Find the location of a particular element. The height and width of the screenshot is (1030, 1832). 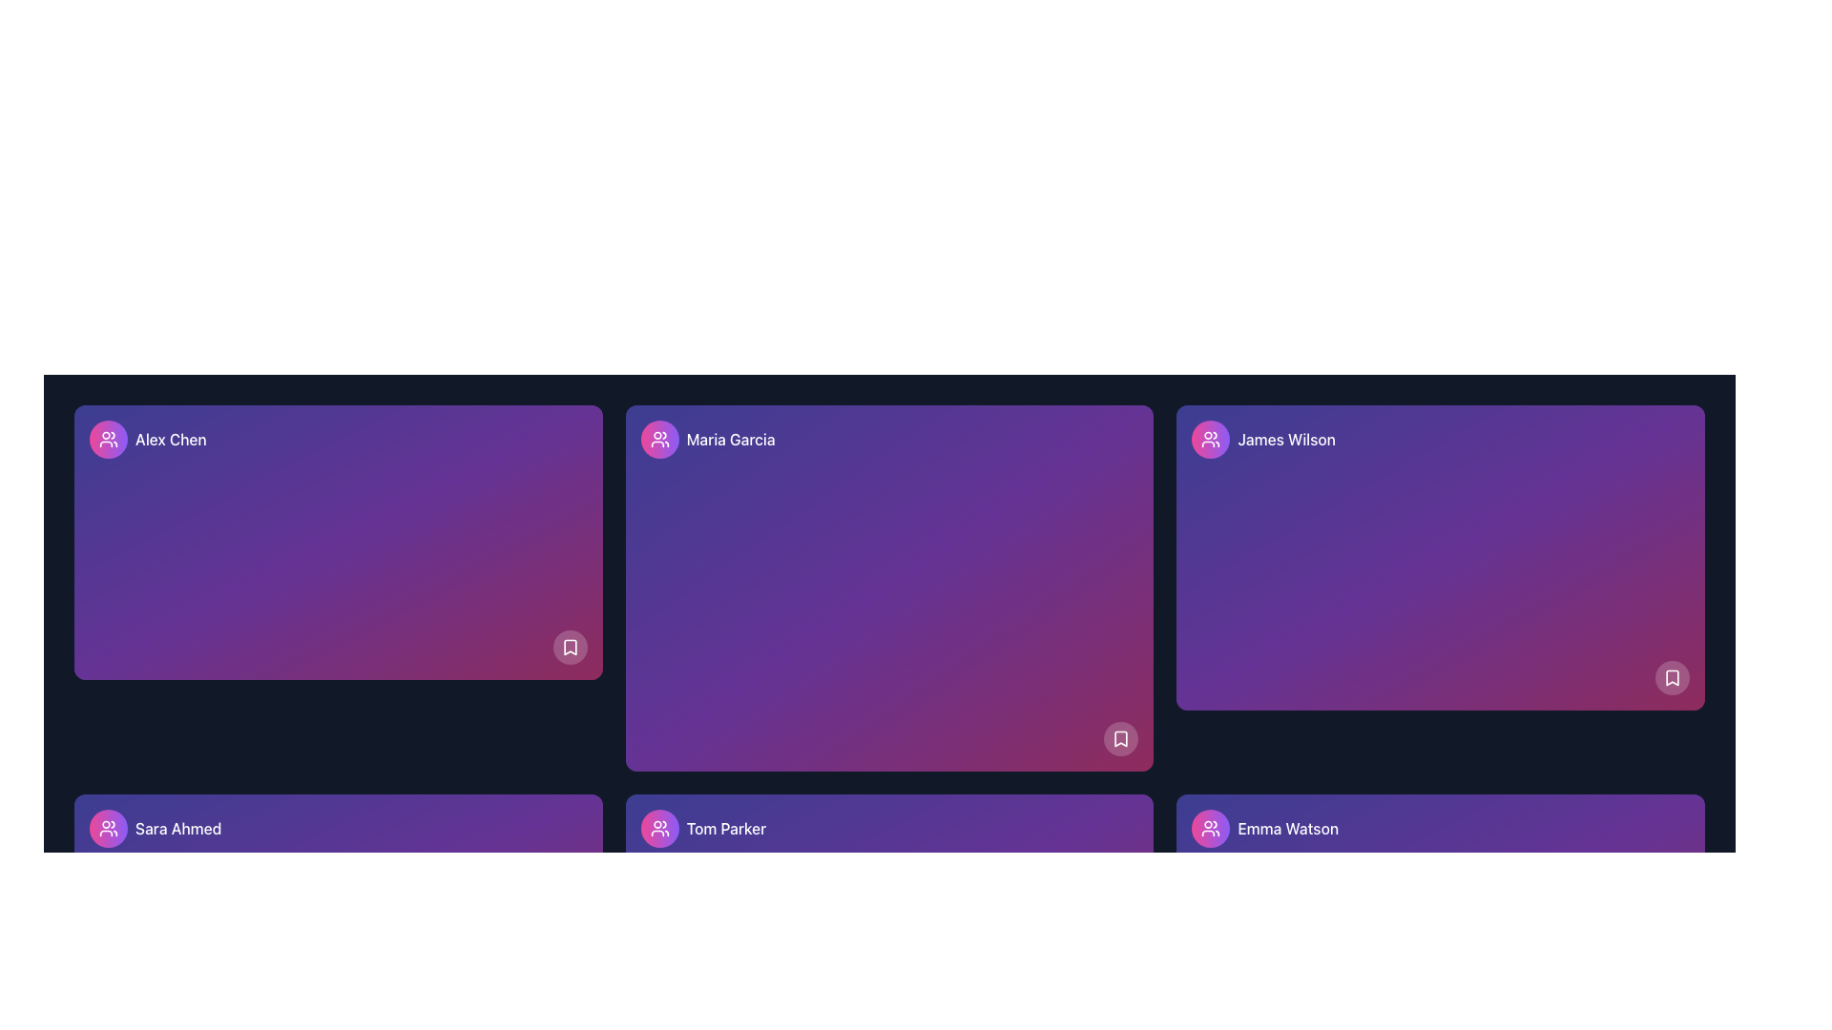

the decorative profile placeholder icon located at the top-left corner of the card labeled 'Tom Parker' is located at coordinates (659, 827).